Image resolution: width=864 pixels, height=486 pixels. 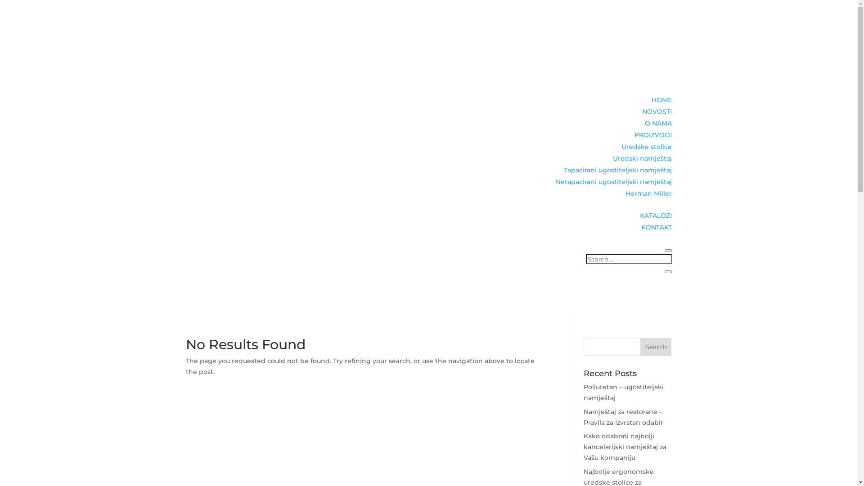 I want to click on 'Uredske stolice', so click(x=621, y=146).